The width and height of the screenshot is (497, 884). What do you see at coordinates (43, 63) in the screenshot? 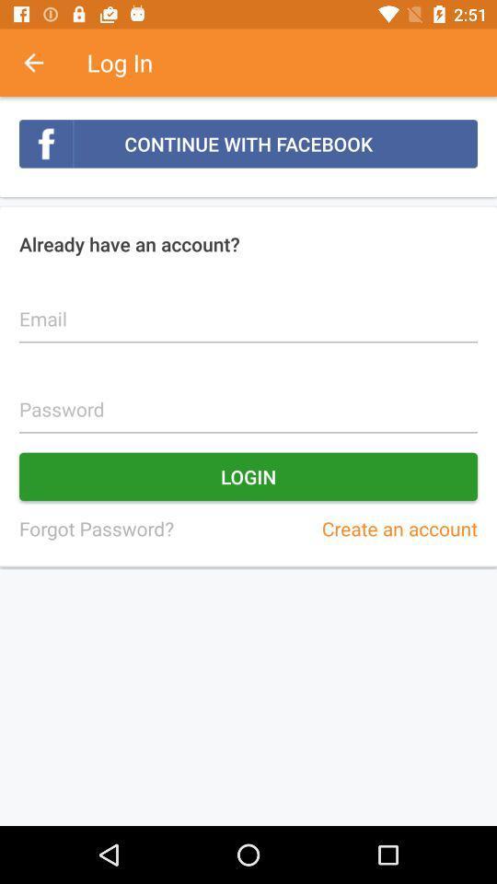
I see `go back` at bounding box center [43, 63].